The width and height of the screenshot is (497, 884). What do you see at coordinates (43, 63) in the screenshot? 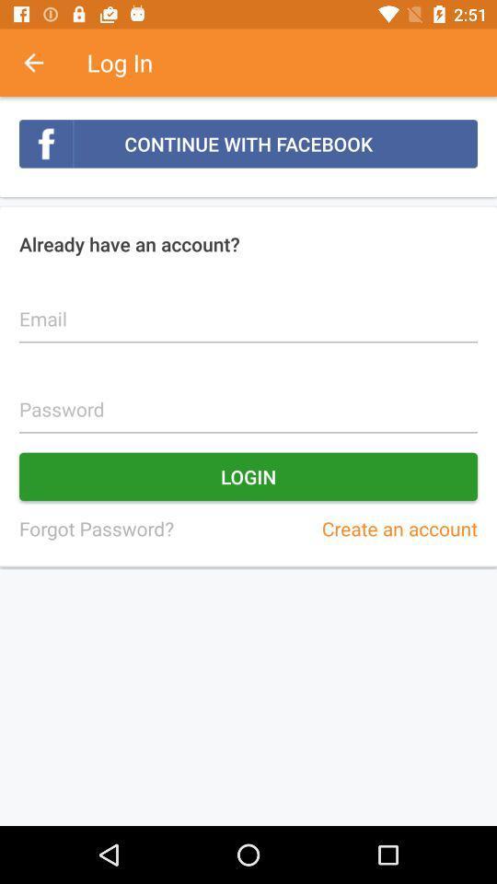
I see `go back` at bounding box center [43, 63].